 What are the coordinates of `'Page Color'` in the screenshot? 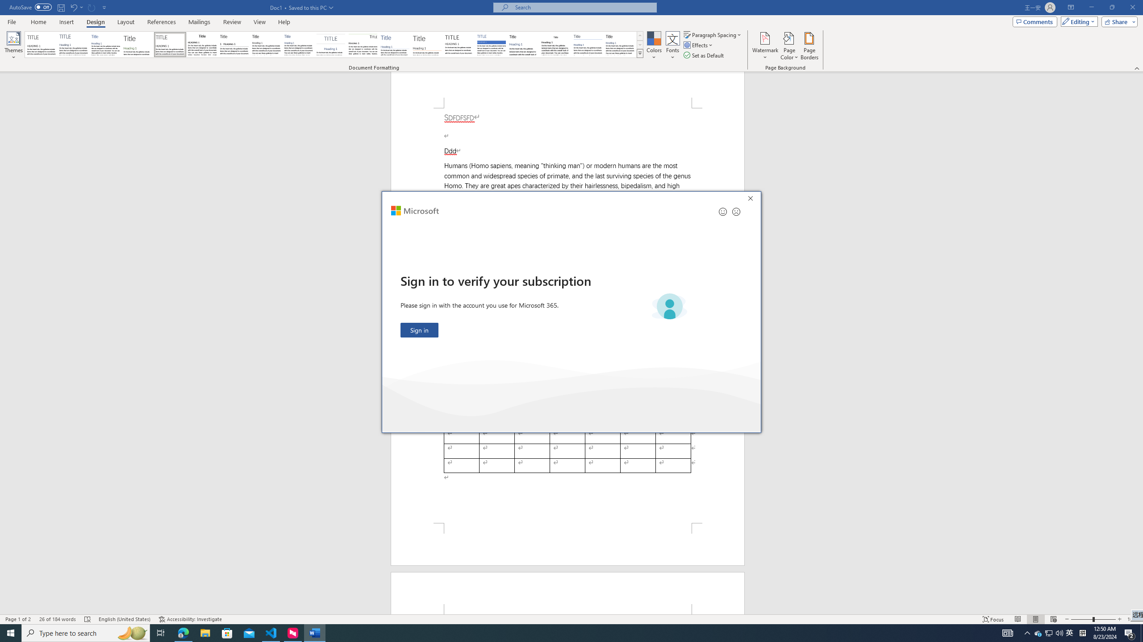 It's located at (789, 46).